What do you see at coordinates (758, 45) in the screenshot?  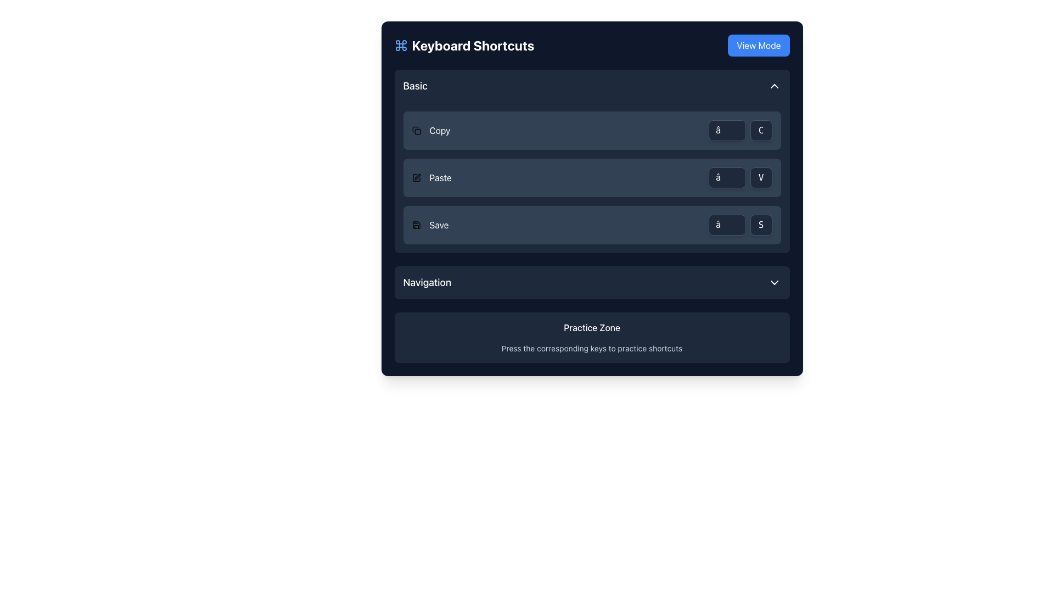 I see `the button located at the far right of the 'Keyboard Shortcuts' header bar` at bounding box center [758, 45].